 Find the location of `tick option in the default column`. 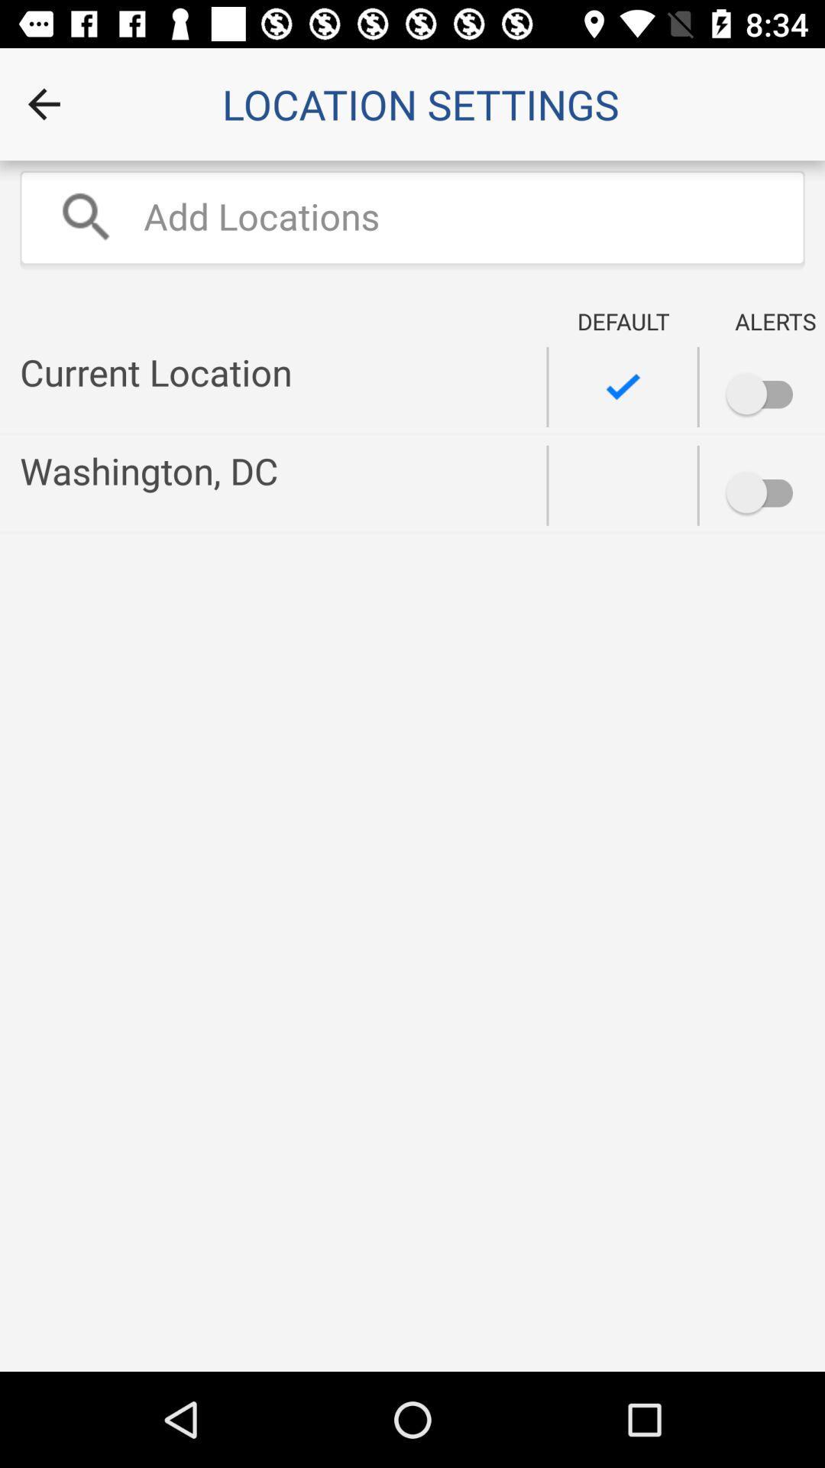

tick option in the default column is located at coordinates (623, 387).